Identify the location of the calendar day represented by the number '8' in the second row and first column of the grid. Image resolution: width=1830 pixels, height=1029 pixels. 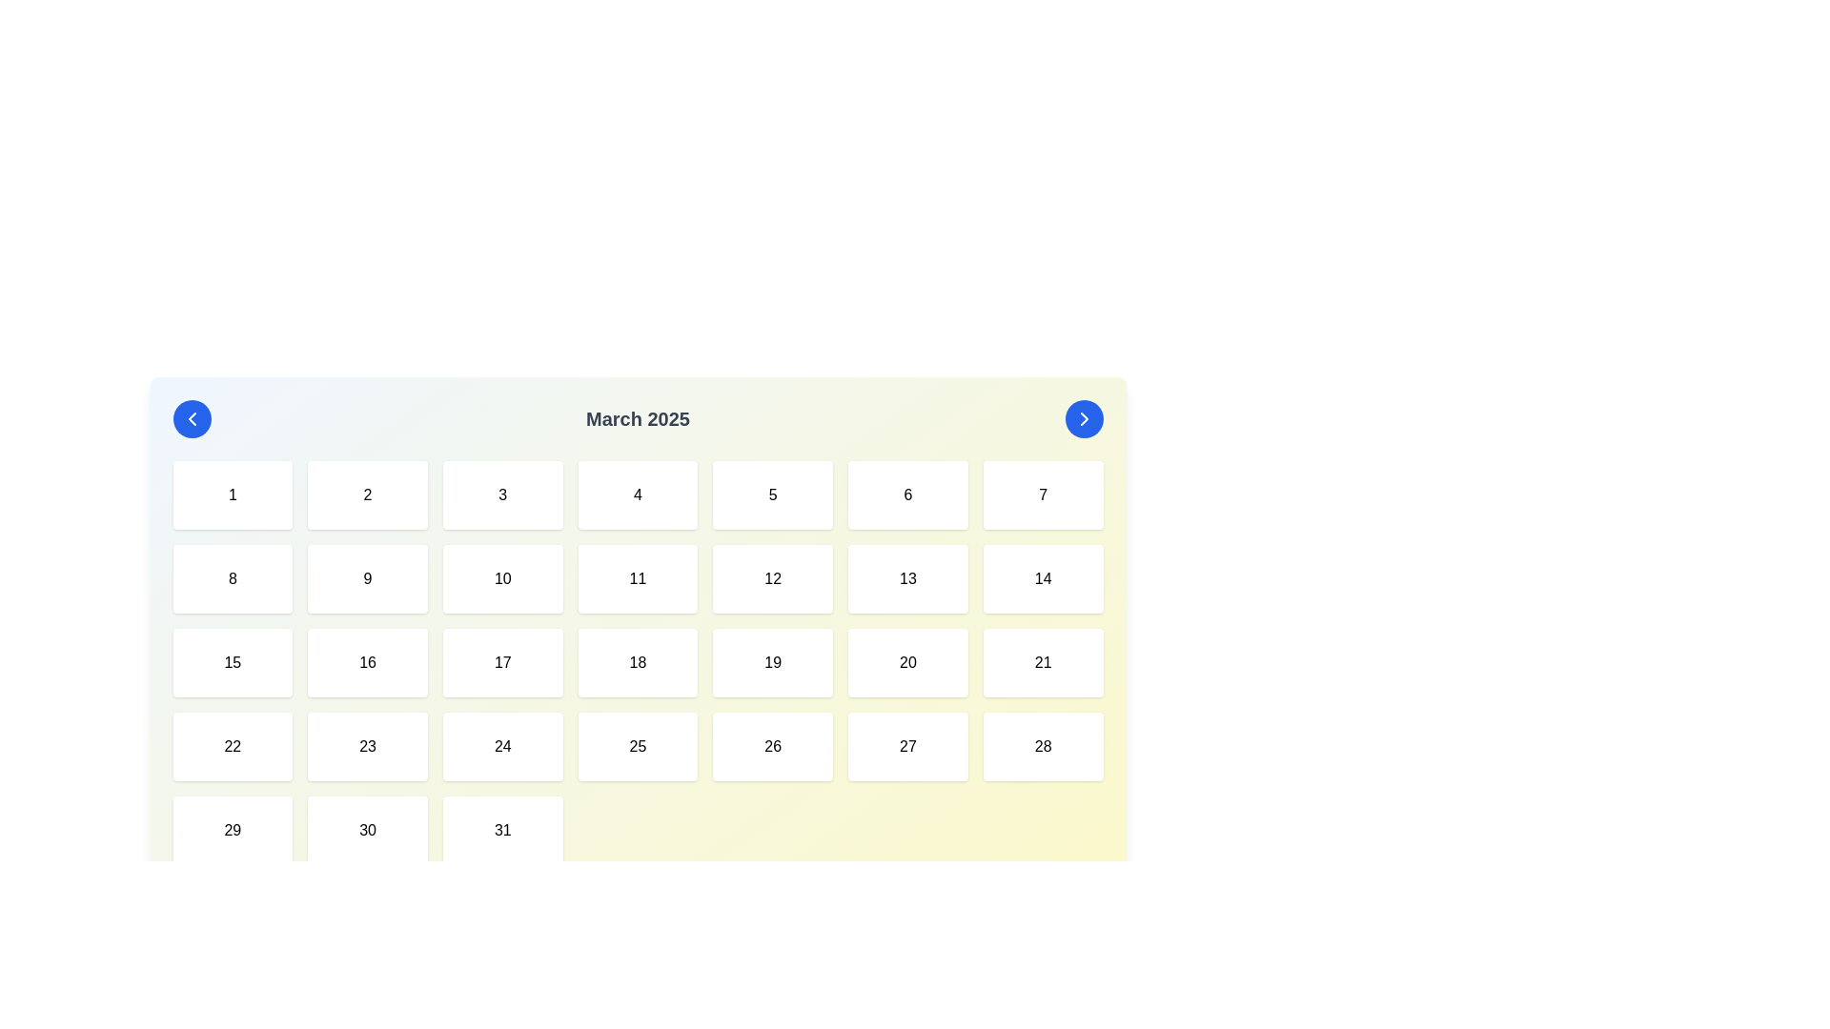
(232, 578).